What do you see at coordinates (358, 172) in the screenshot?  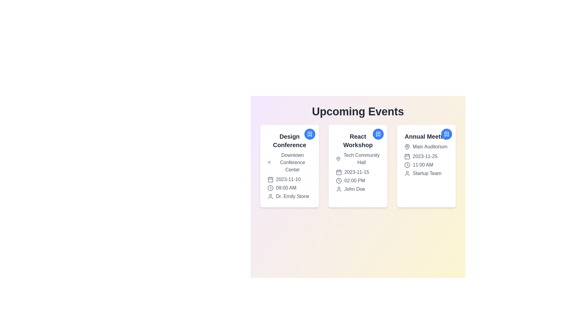 I see `the scheduled date text element located under the secondary heading 'Tech Community Hall' in the 'React Workshop' event card, which follows the location pin and precedes the time information` at bounding box center [358, 172].